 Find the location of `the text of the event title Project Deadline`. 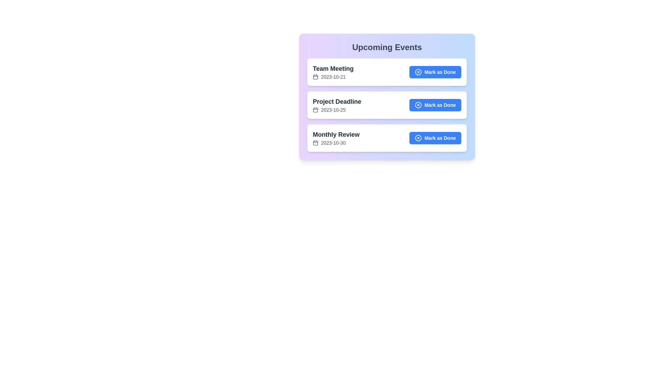

the text of the event title Project Deadline is located at coordinates (337, 102).